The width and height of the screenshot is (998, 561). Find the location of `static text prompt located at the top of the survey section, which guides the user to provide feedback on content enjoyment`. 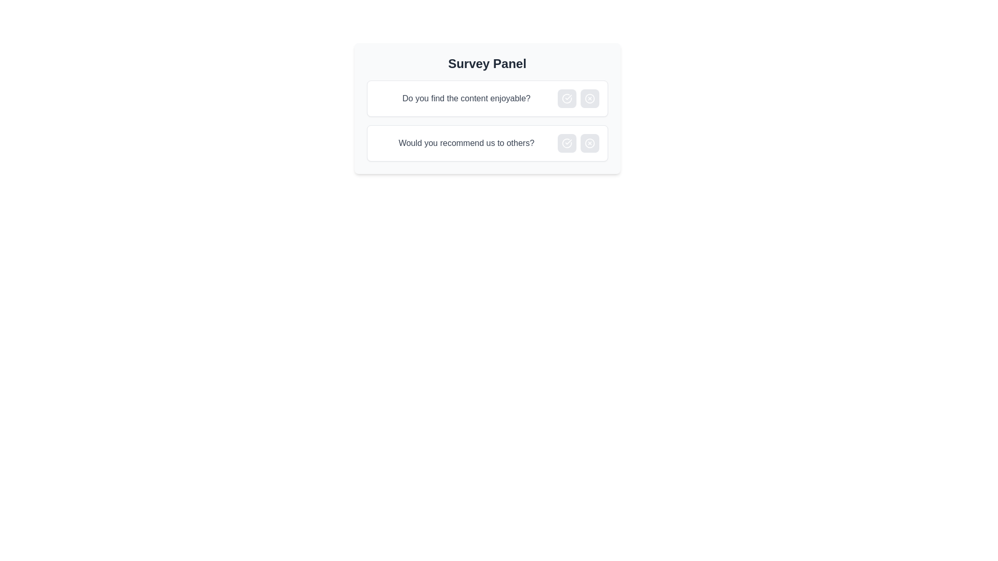

static text prompt located at the top of the survey section, which guides the user to provide feedback on content enjoyment is located at coordinates (466, 98).